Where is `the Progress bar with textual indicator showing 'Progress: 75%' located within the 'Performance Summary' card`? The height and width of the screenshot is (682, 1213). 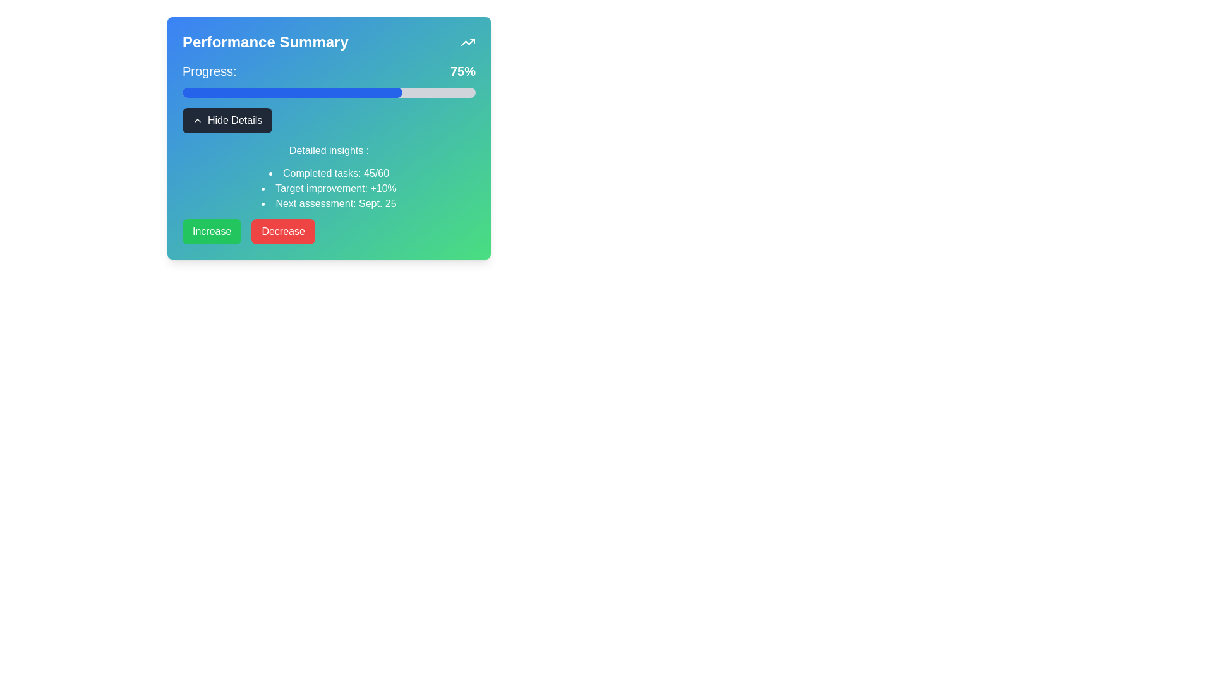
the Progress bar with textual indicator showing 'Progress: 75%' located within the 'Performance Summary' card is located at coordinates (329, 80).